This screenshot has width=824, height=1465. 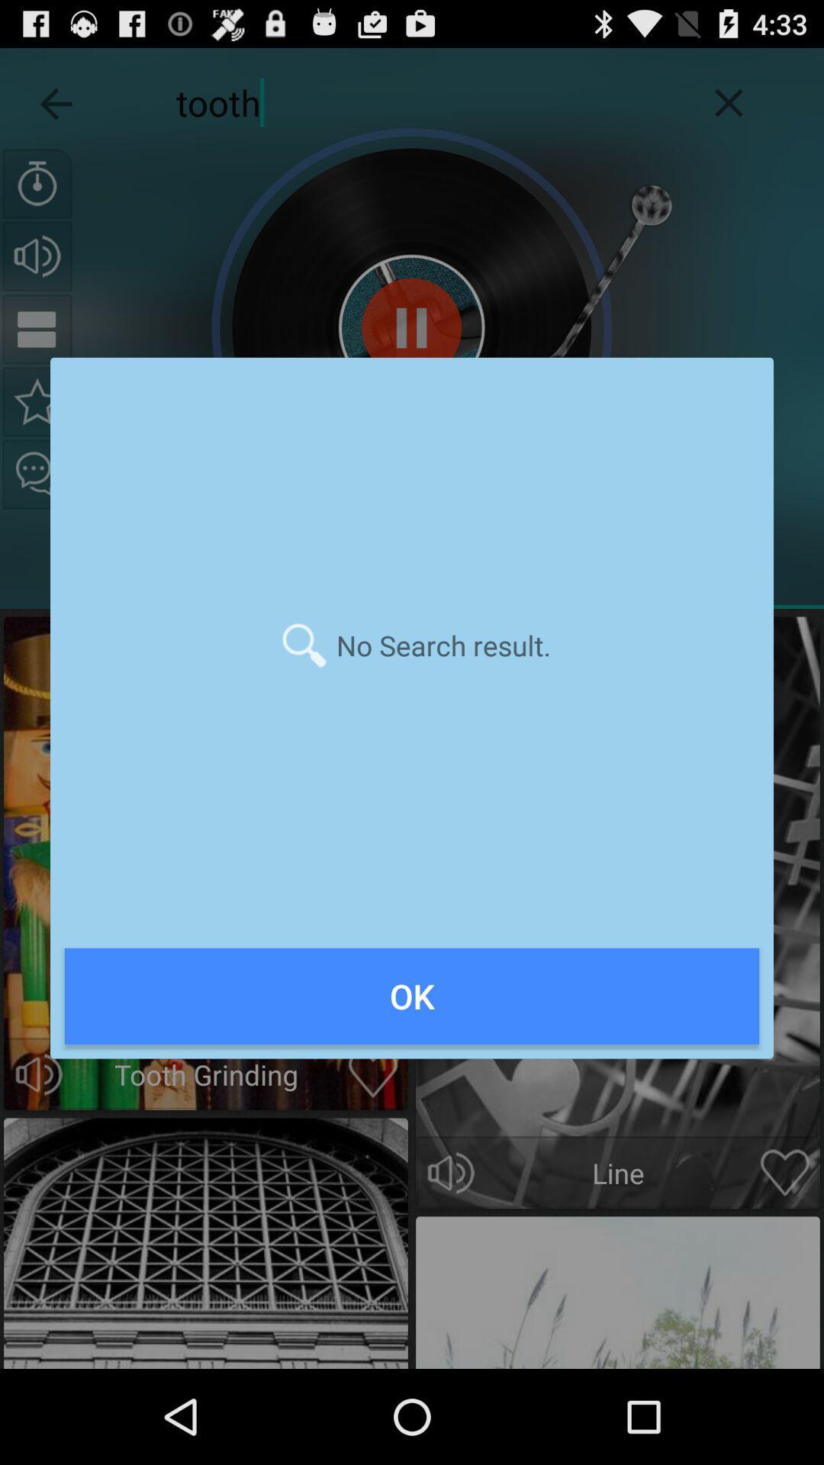 I want to click on icon at the bottom, so click(x=412, y=996).